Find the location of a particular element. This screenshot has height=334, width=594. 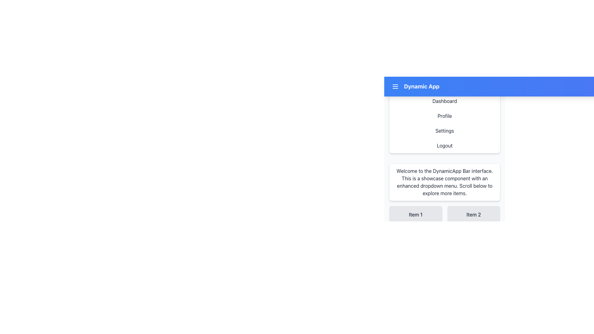

the topmost button in the dropdown menu, which navigates to the dashboard section of the application is located at coordinates (444, 101).